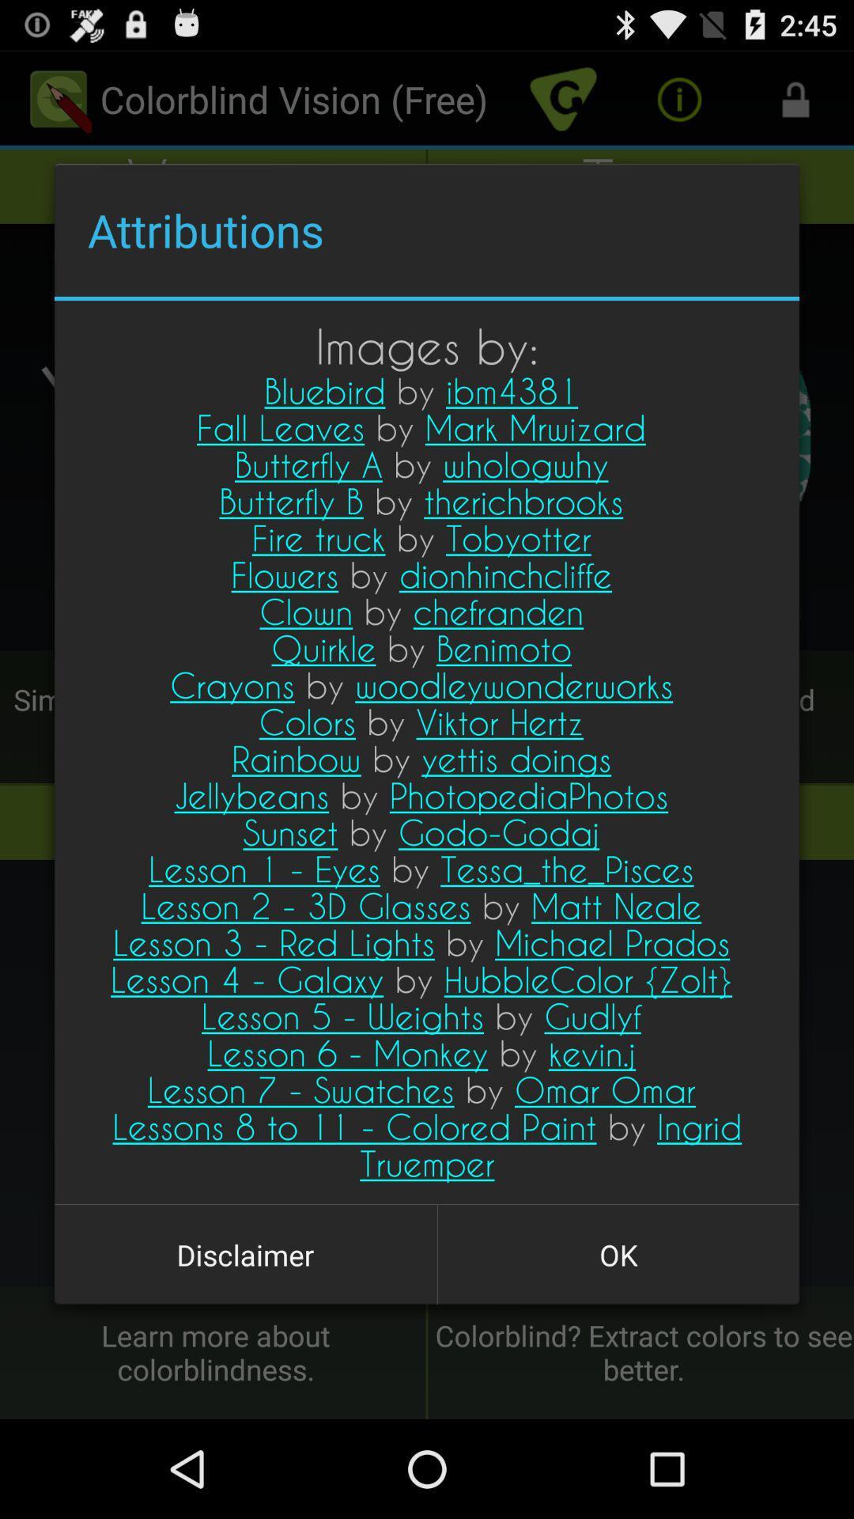 Image resolution: width=854 pixels, height=1519 pixels. What do you see at coordinates (245, 1254) in the screenshot?
I see `item below the bluebird by ibm4381 item` at bounding box center [245, 1254].